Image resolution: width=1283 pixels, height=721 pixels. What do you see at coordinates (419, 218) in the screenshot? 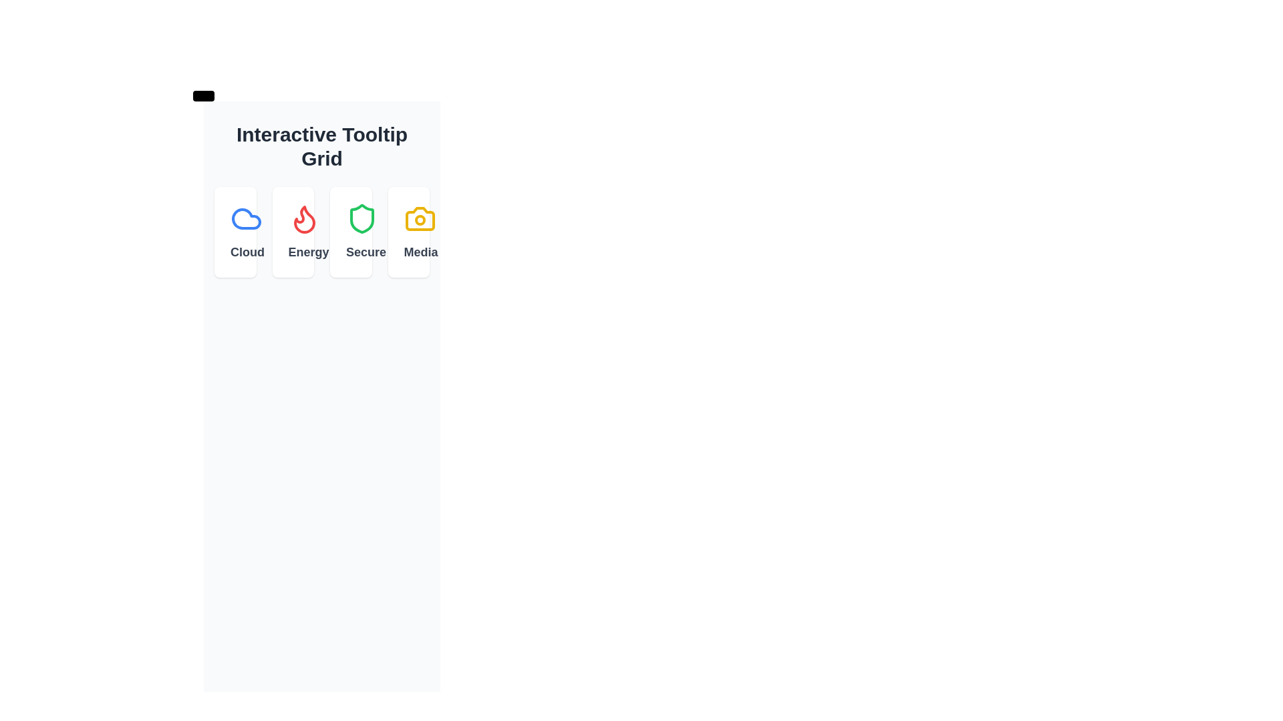
I see `the bright yellow camera icon located in the bottom-right corner of the 'Media' card, which is the fourth card in a row of cards` at bounding box center [419, 218].